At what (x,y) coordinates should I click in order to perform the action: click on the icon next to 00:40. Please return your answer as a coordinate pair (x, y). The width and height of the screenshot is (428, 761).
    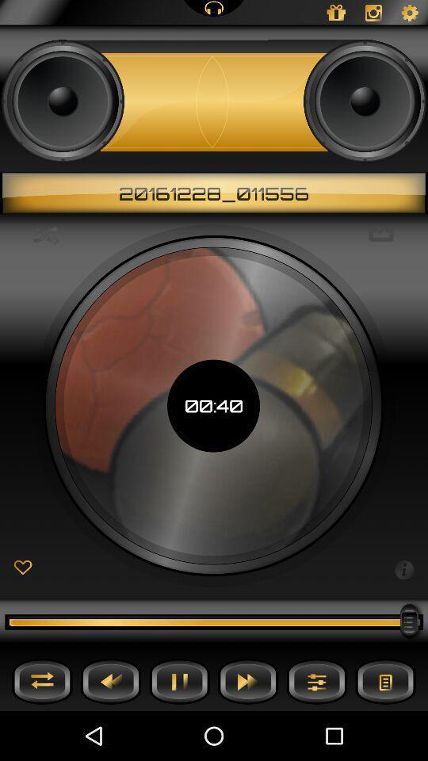
    Looking at the image, I should click on (380, 234).